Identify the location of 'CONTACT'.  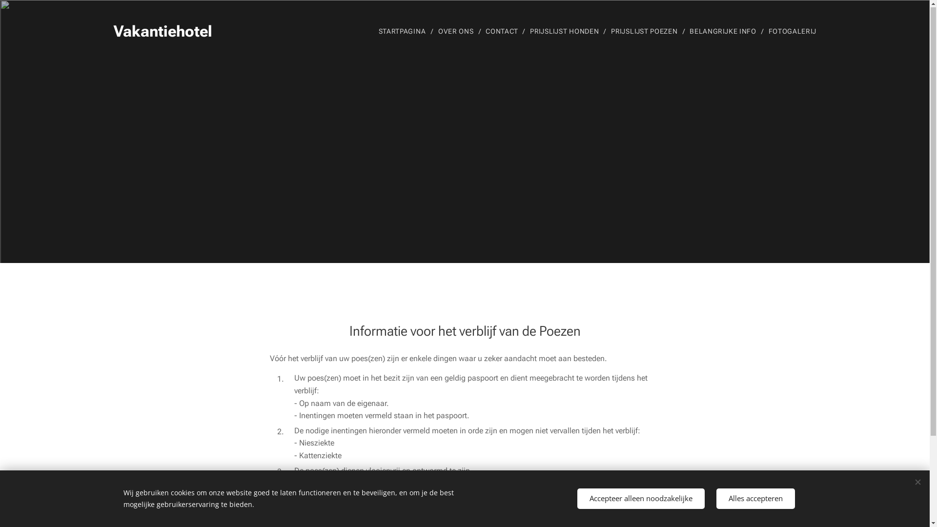
(503, 31).